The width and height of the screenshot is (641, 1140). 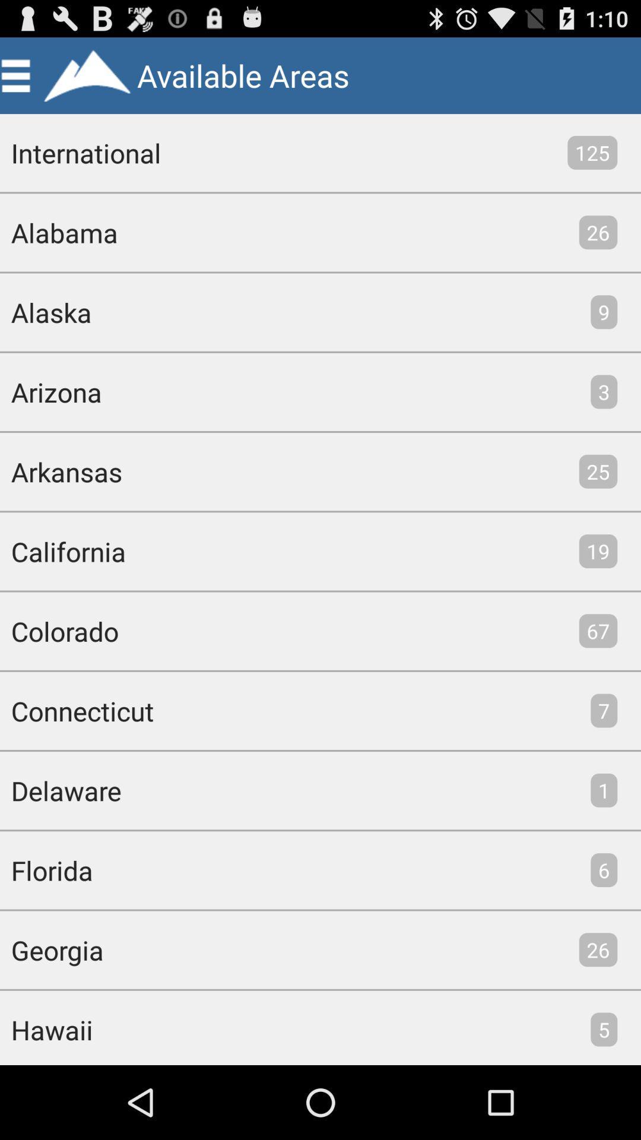 What do you see at coordinates (604, 392) in the screenshot?
I see `item above the 25 item` at bounding box center [604, 392].